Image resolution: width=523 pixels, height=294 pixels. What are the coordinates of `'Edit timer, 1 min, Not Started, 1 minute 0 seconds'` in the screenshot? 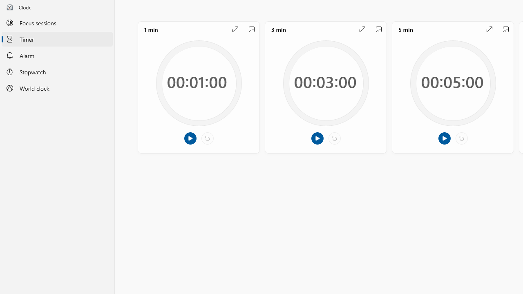 It's located at (199, 87).